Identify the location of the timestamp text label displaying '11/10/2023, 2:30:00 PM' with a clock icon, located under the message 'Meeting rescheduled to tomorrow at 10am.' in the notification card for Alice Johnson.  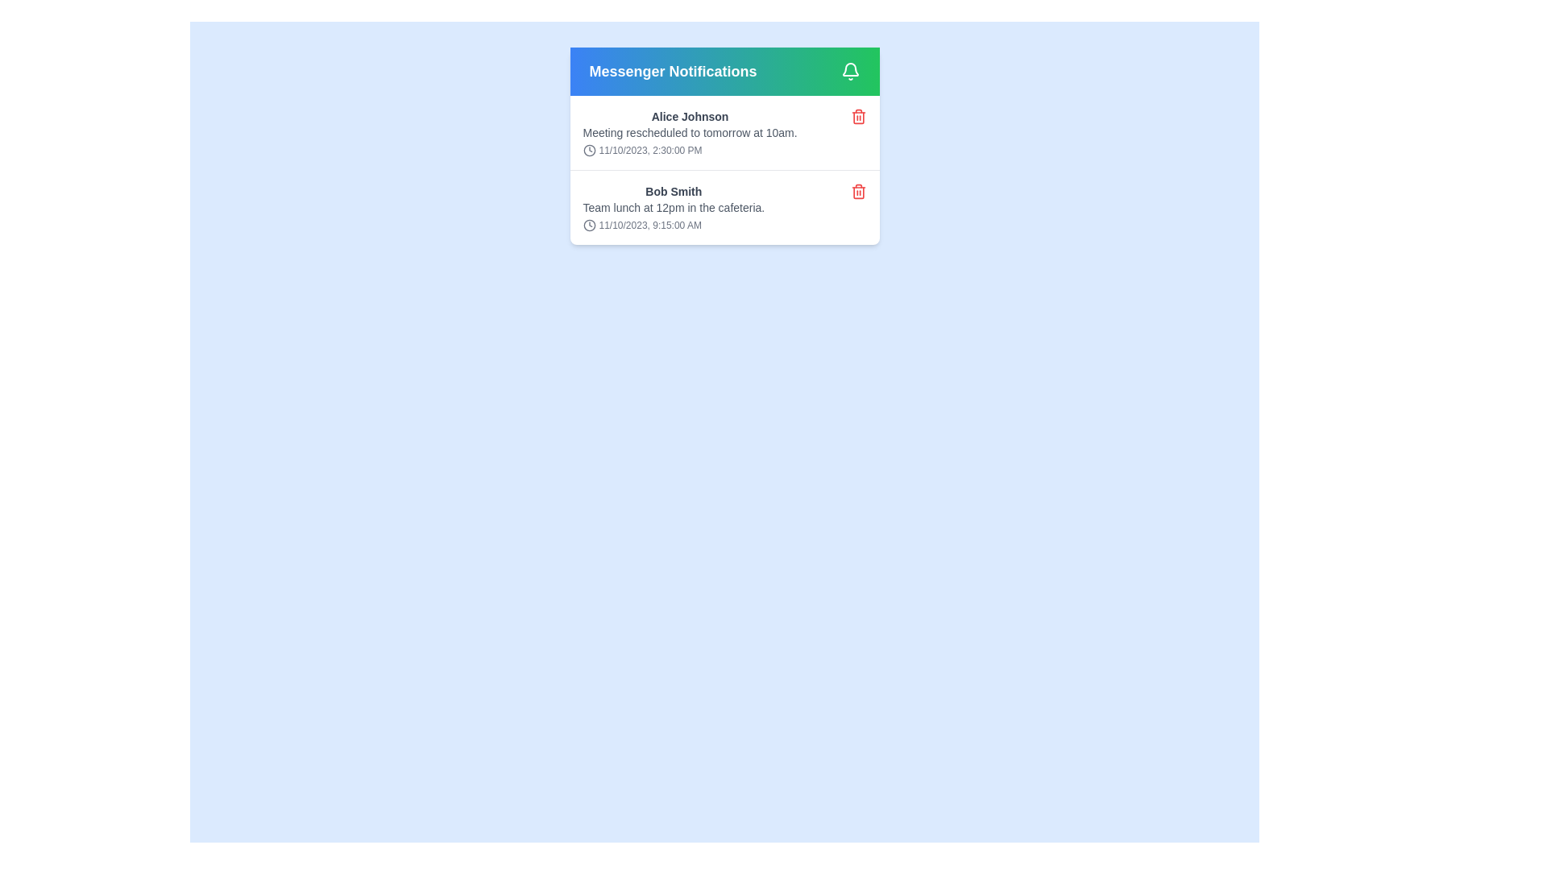
(690, 150).